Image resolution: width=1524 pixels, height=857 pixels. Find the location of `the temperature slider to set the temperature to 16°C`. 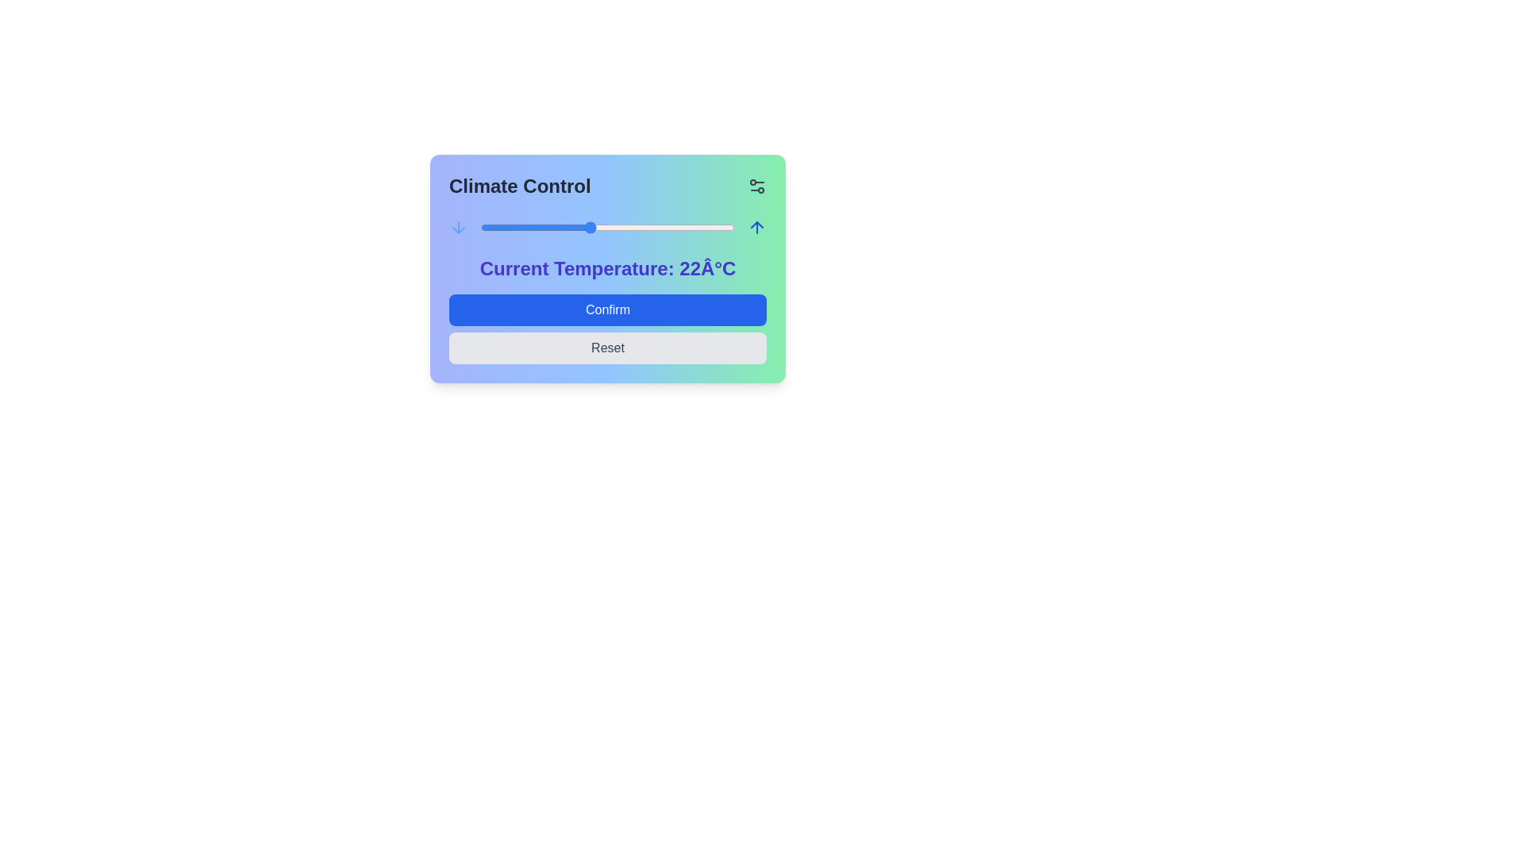

the temperature slider to set the temperature to 16°C is located at coordinates (479, 227).